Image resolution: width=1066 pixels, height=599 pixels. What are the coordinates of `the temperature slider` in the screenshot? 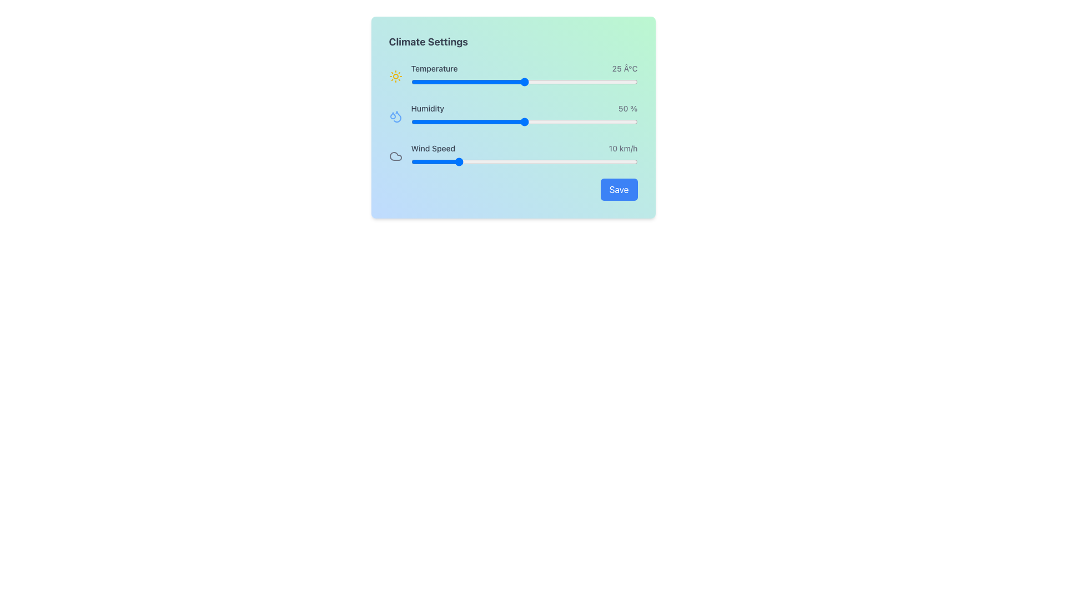 It's located at (556, 81).